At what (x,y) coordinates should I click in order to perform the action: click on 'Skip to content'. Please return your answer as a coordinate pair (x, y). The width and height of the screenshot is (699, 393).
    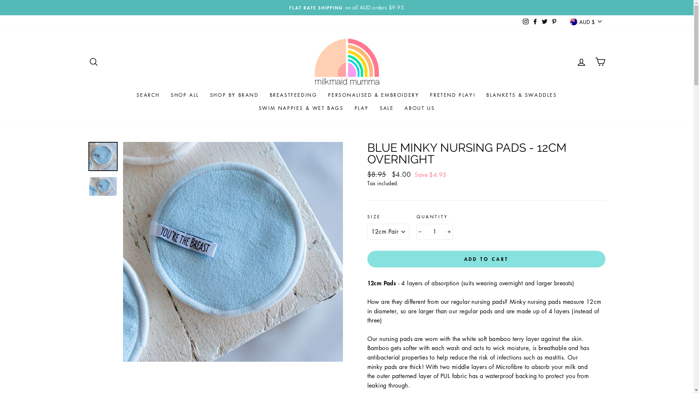
    Looking at the image, I should click on (0, 0).